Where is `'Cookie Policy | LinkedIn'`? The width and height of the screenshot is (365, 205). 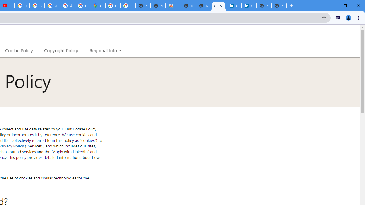
'Cookie Policy | LinkedIn' is located at coordinates (234, 6).